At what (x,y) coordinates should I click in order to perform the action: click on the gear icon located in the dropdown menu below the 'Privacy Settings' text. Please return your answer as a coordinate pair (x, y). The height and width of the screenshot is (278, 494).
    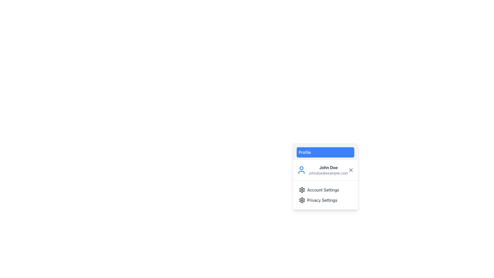
    Looking at the image, I should click on (302, 190).